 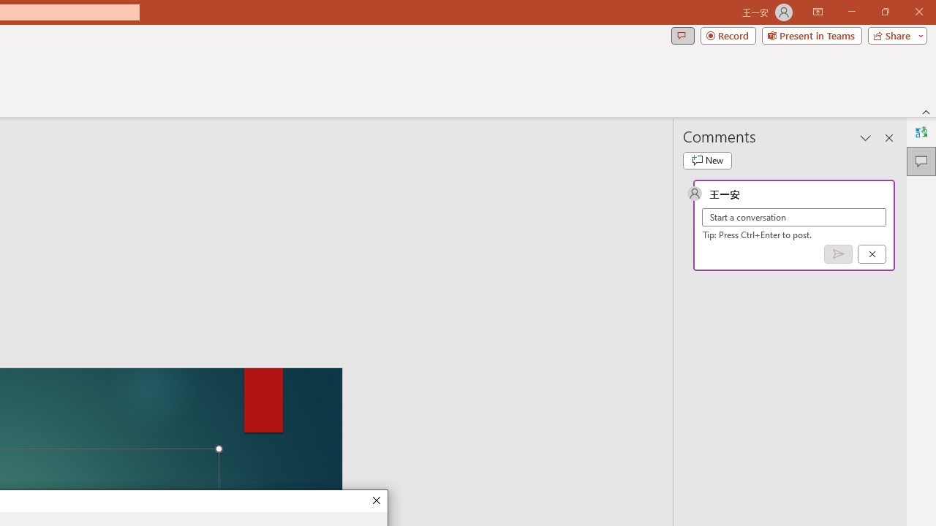 I want to click on 'Start a conversation', so click(x=793, y=217).